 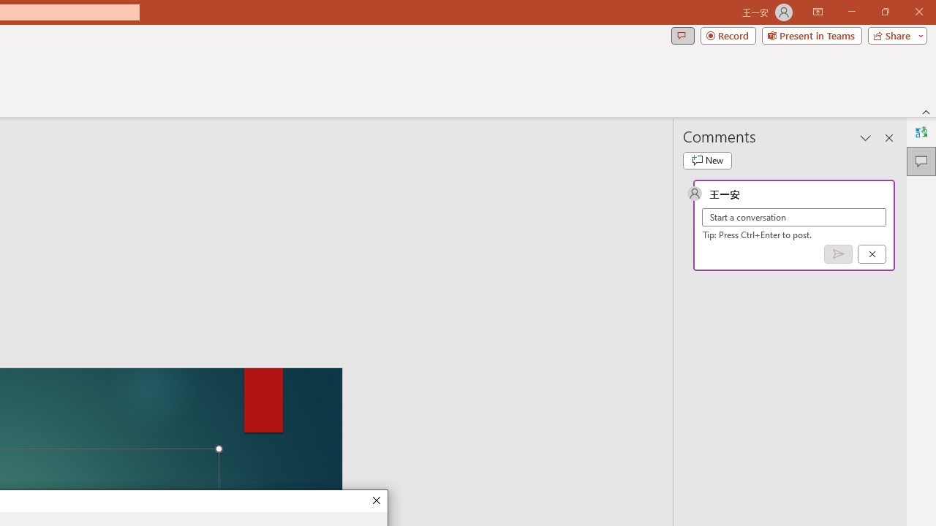 I want to click on 'Start a conversation', so click(x=793, y=217).